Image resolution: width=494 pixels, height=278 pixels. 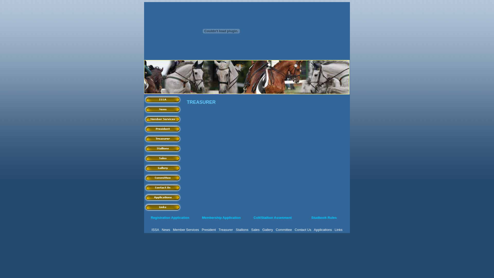 What do you see at coordinates (324, 218) in the screenshot?
I see `'Studbook Rules'` at bounding box center [324, 218].